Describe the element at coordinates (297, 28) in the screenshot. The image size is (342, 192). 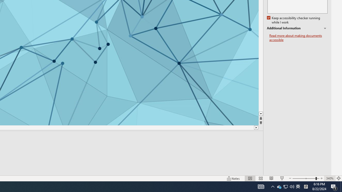
I see `'Additional Information'` at that location.